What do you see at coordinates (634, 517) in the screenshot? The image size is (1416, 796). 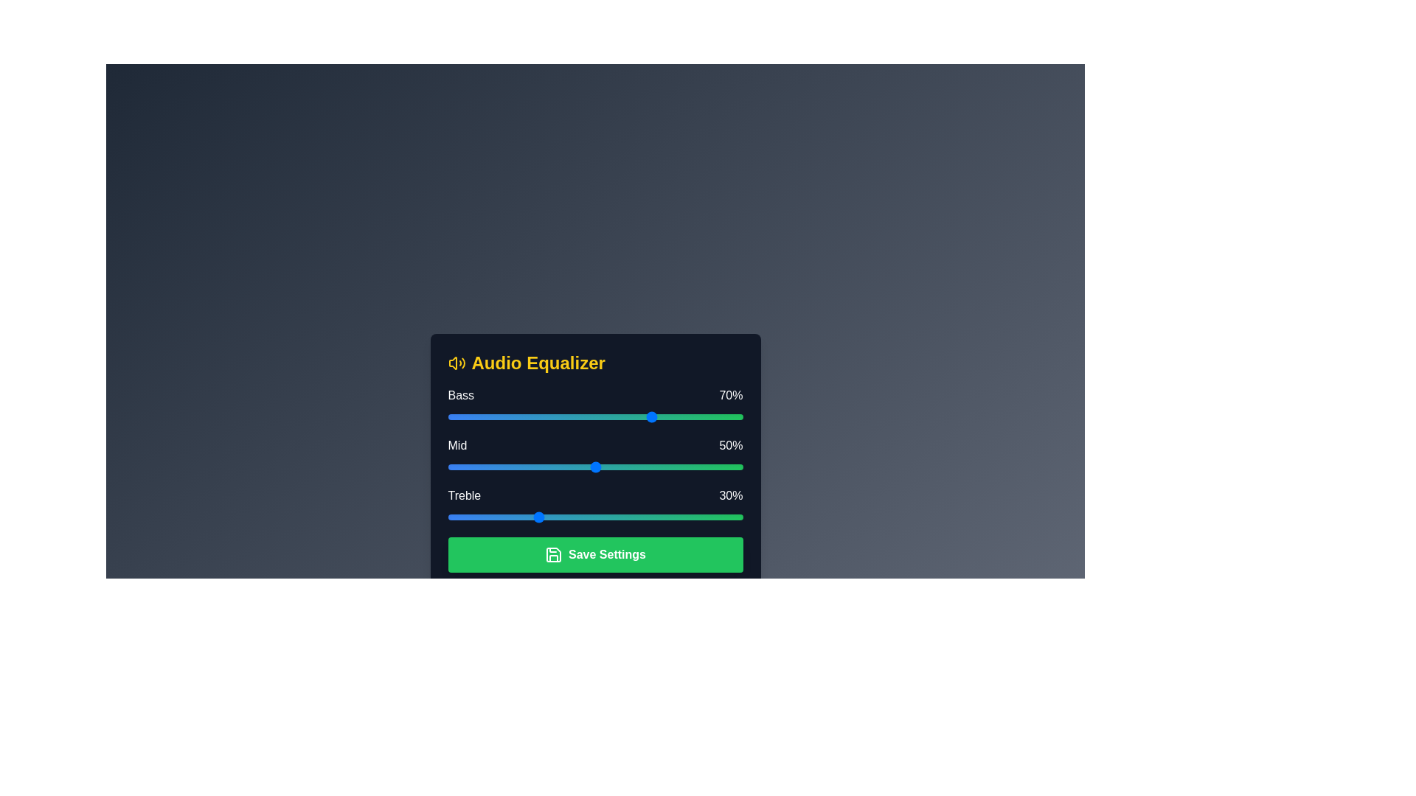 I see `the Treble slider to 63%` at bounding box center [634, 517].